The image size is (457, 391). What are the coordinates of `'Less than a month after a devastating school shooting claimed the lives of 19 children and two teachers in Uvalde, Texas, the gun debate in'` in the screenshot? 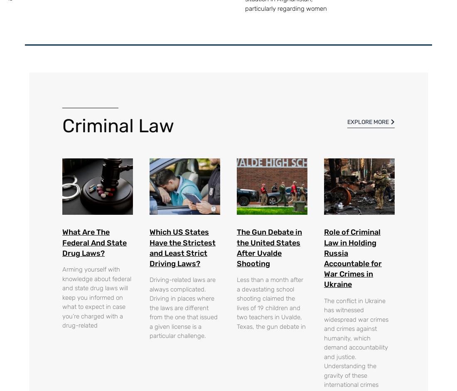 It's located at (271, 303).